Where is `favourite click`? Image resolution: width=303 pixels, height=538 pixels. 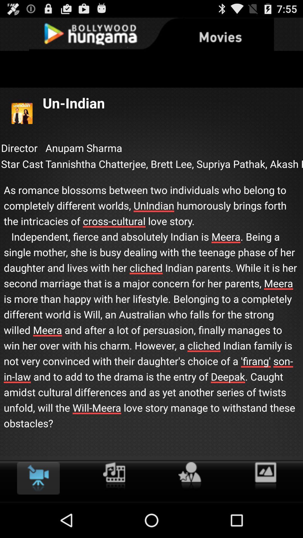
favourite click is located at coordinates (189, 476).